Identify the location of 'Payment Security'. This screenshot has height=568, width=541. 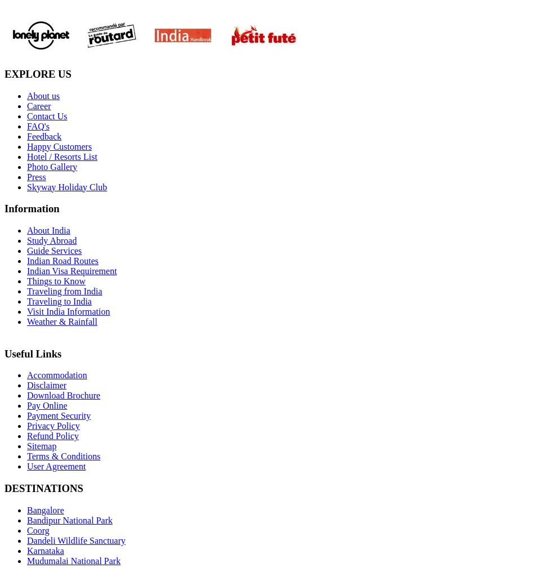
(26, 415).